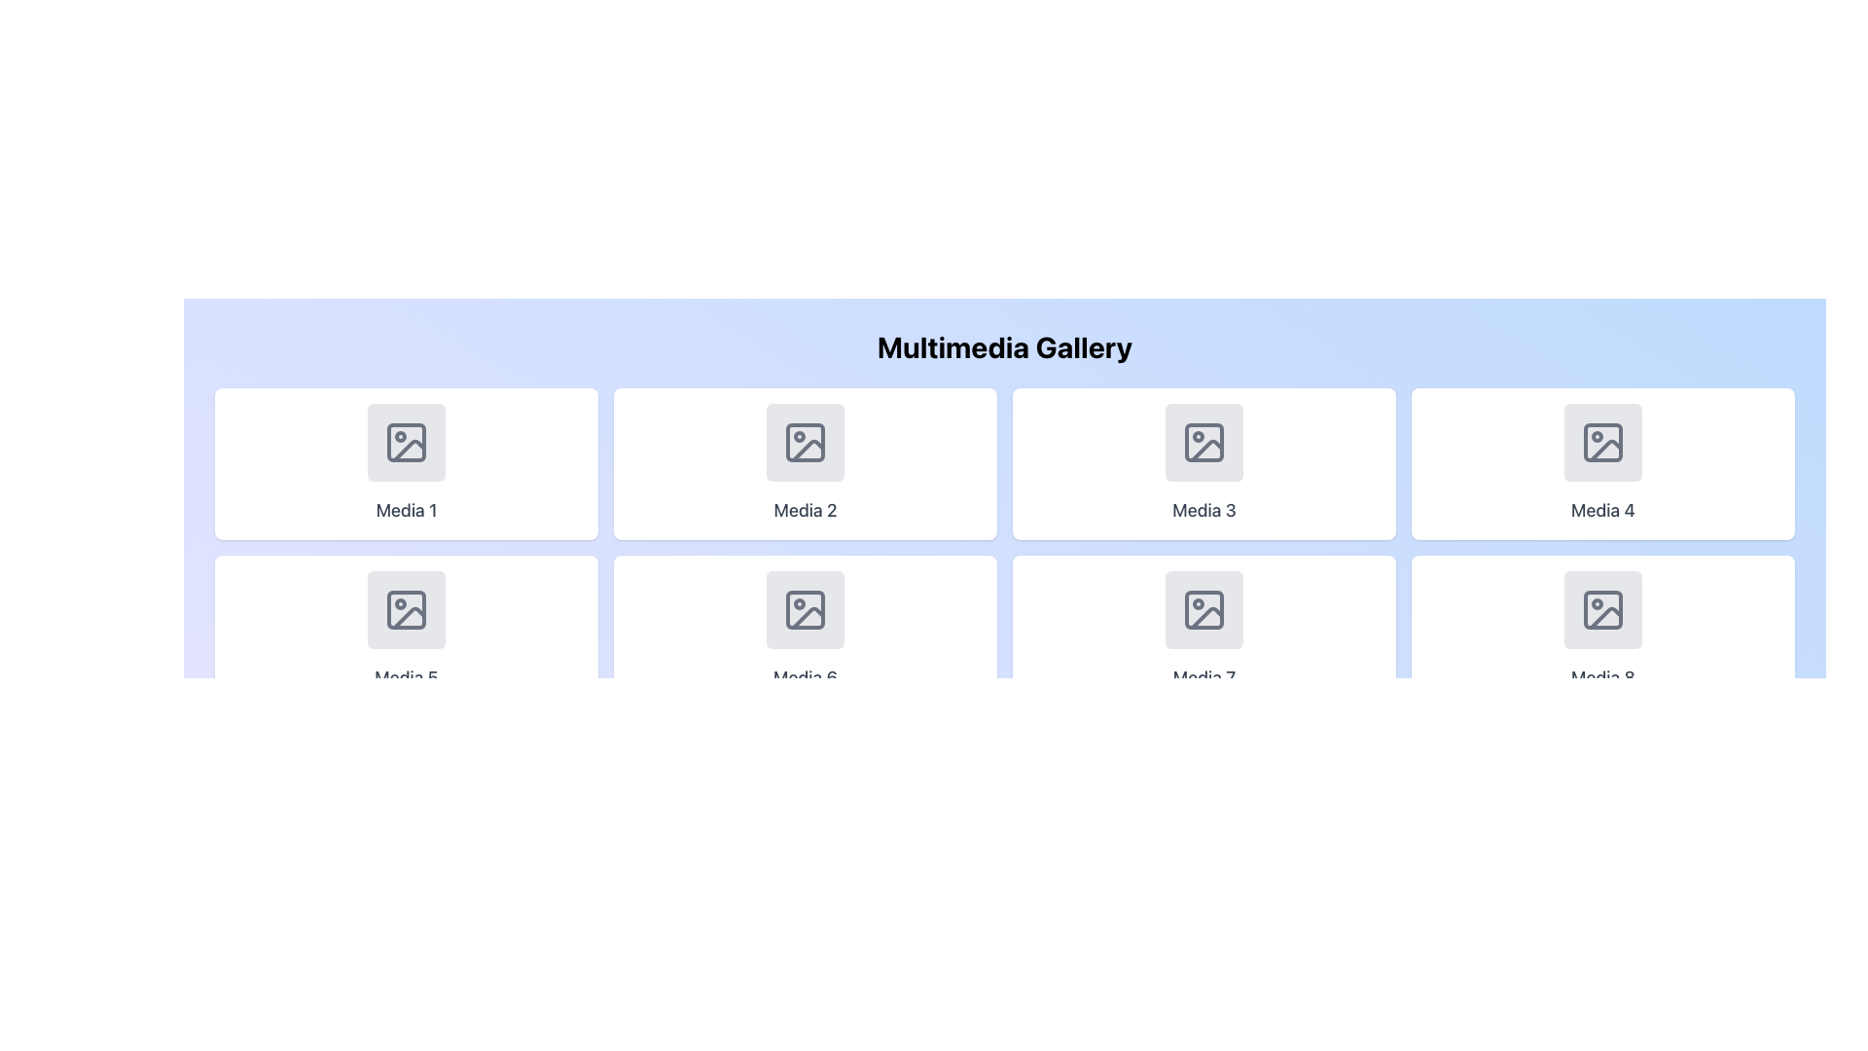  What do you see at coordinates (1203, 631) in the screenshot?
I see `details associated with the media in the card featuring a gray image placeholder and the text 'Media 7' located in the second row, third column of the grid layout` at bounding box center [1203, 631].